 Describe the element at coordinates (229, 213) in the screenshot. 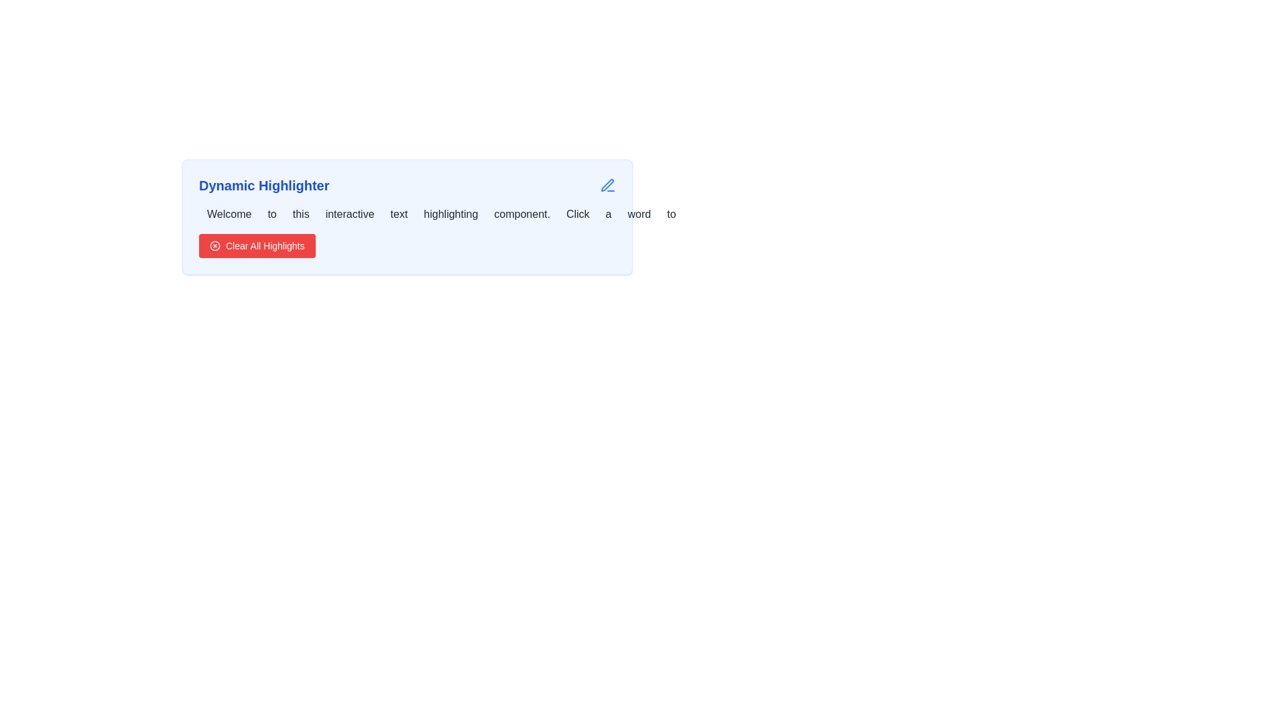

I see `the interactive highlightable component element labeled 'Welcome'` at that location.